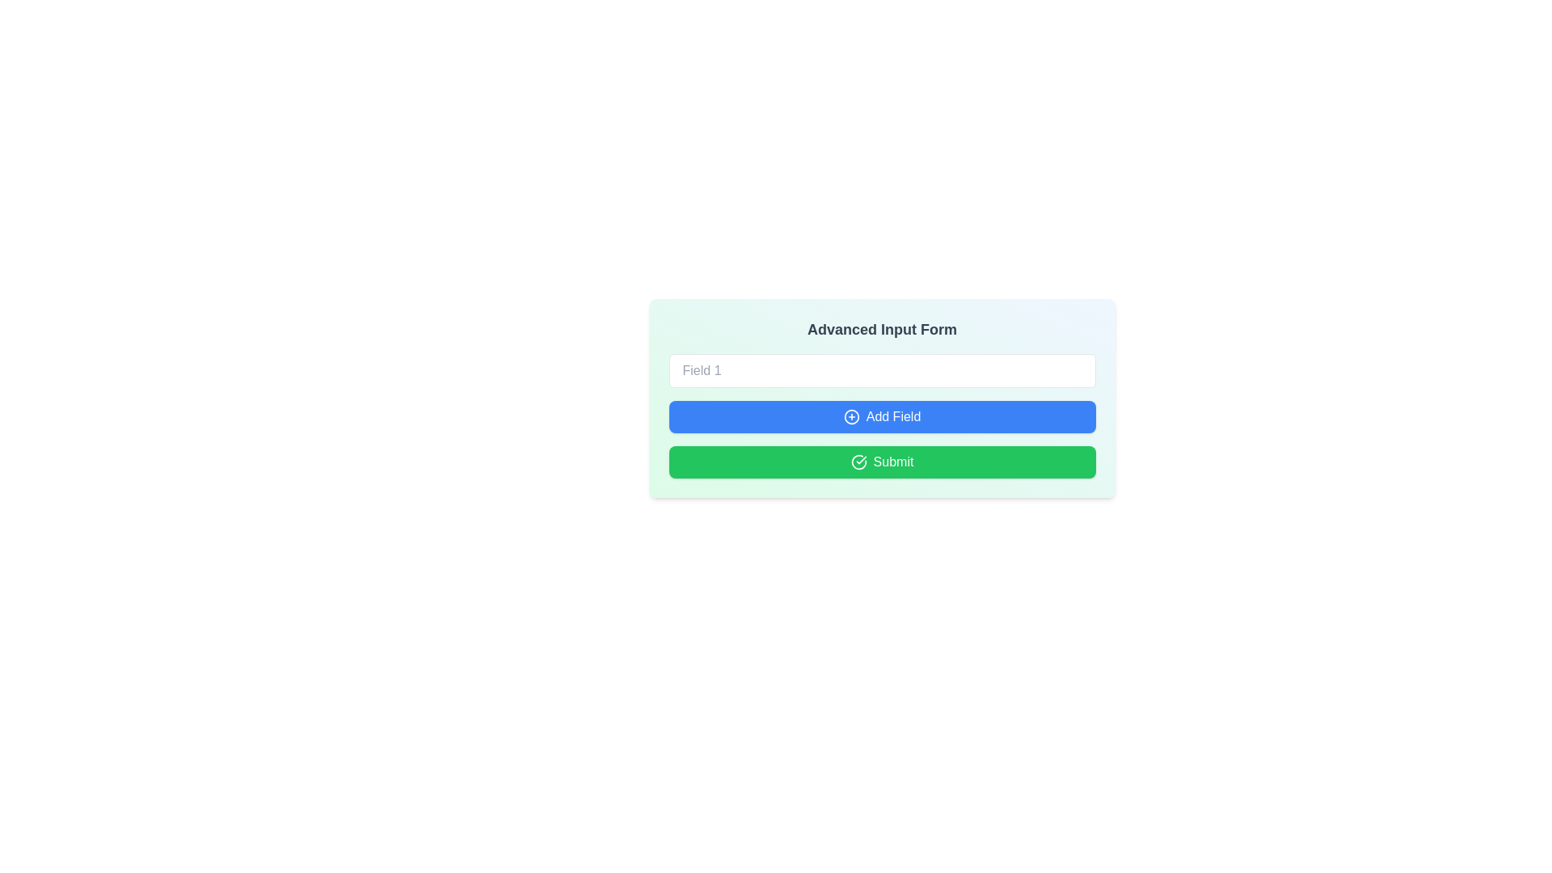  Describe the element at coordinates (850, 416) in the screenshot. I see `the circular icon containing a plus sign, which is located to the left of the 'Add Field' text within the blue rectangular button` at that location.